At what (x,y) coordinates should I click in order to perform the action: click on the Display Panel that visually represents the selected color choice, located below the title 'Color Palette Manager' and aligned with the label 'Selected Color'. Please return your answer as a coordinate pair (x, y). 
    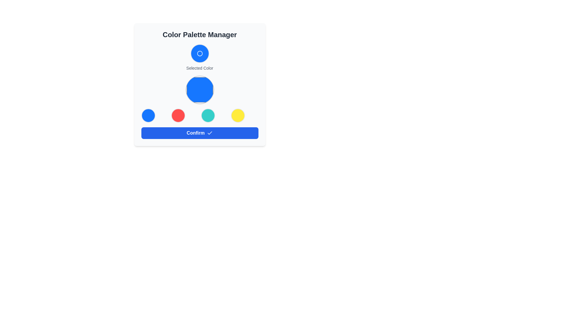
    Looking at the image, I should click on (200, 57).